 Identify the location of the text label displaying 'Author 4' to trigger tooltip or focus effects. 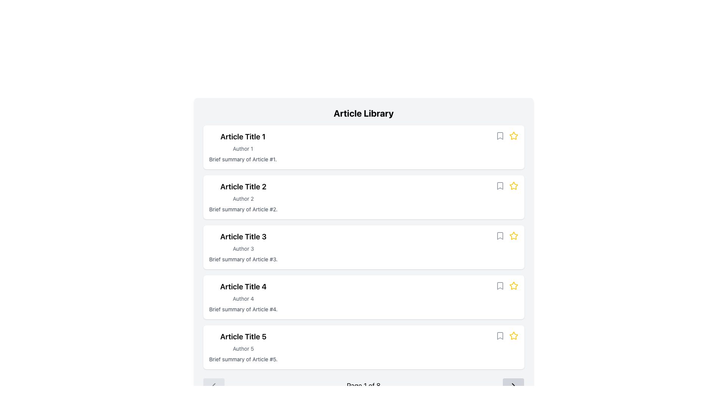
(243, 298).